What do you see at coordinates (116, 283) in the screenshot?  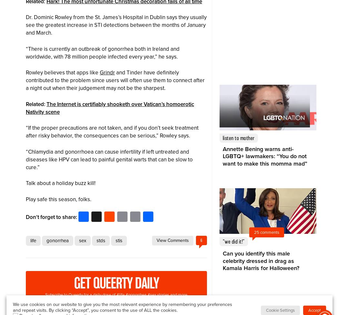 I see `'Get Queerty Daily'` at bounding box center [116, 283].